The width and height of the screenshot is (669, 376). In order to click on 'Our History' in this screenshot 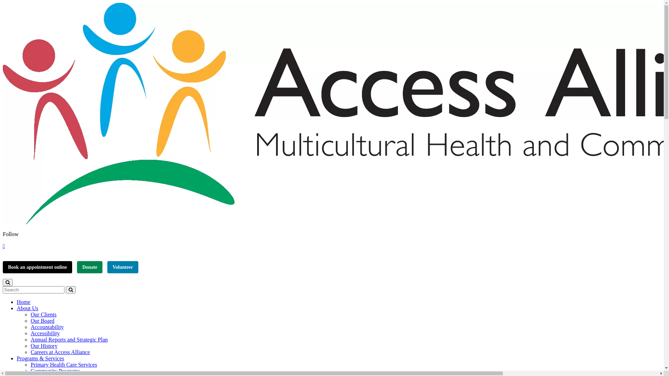, I will do `click(44, 346)`.